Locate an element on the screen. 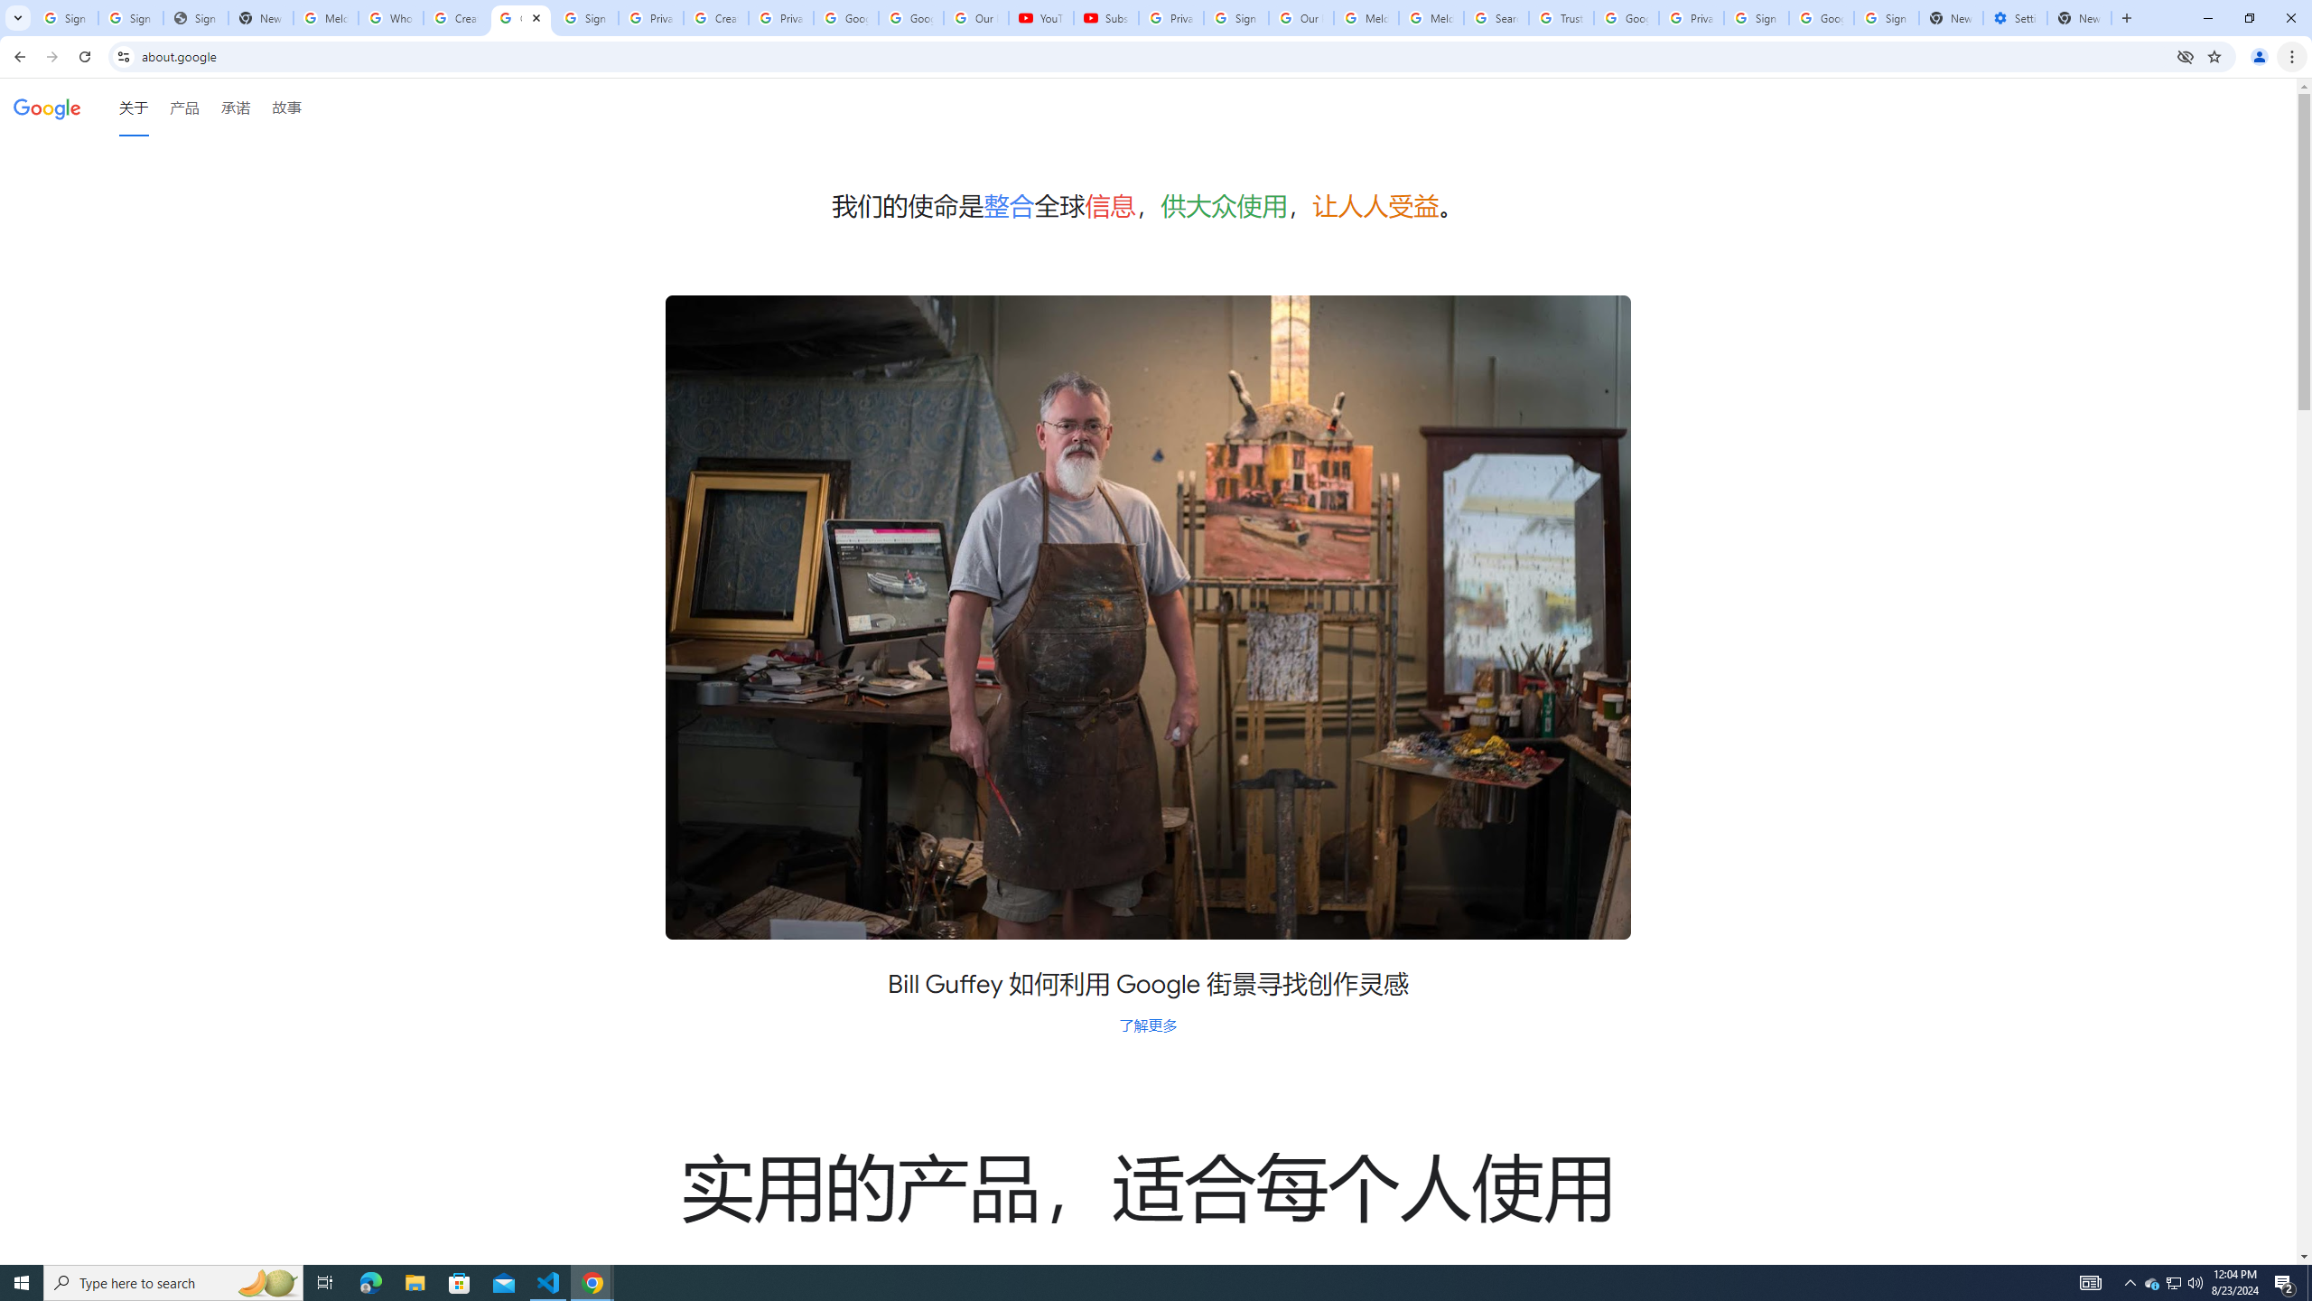 The image size is (2312, 1301). 'YouTube' is located at coordinates (1041, 17).